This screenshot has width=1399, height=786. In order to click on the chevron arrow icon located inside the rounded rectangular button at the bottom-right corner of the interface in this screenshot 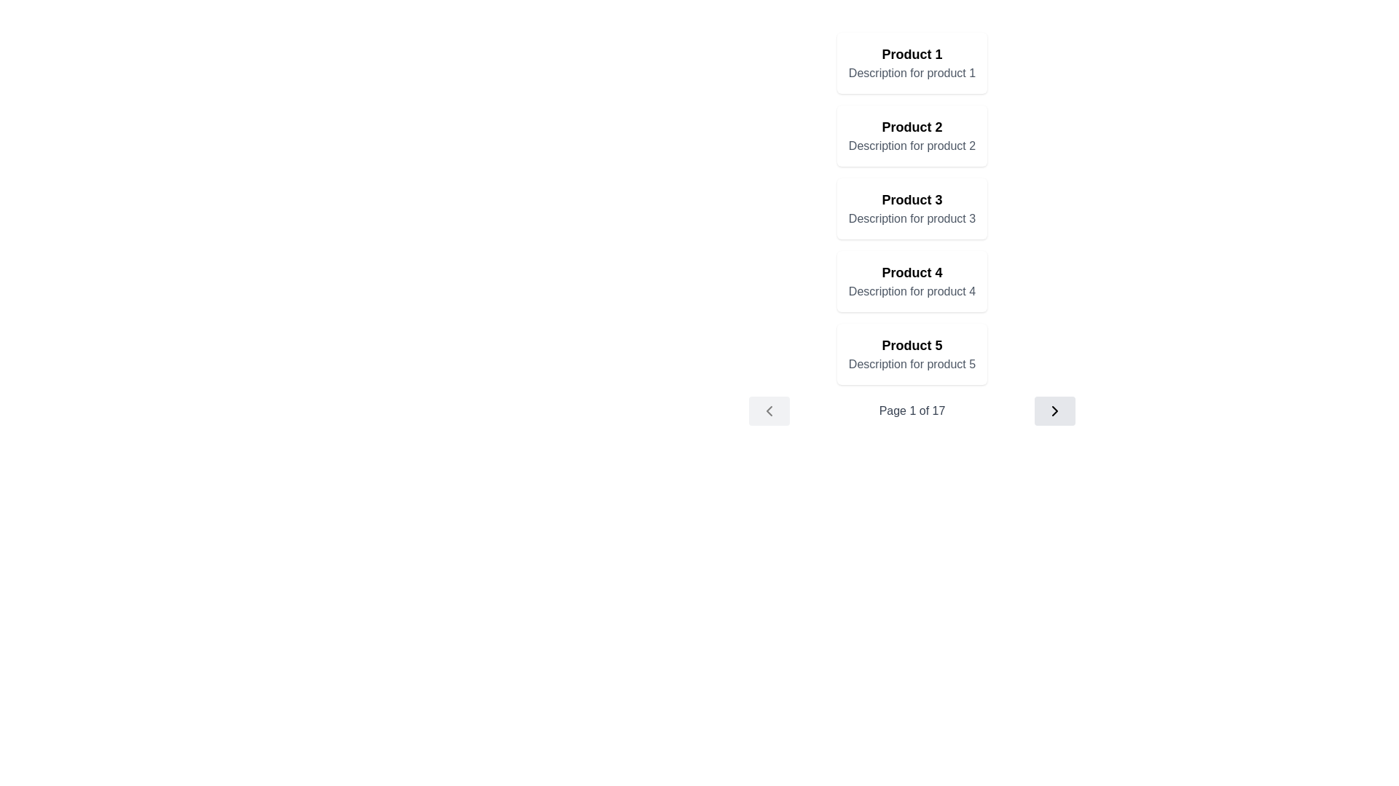, I will do `click(1055, 410)`.